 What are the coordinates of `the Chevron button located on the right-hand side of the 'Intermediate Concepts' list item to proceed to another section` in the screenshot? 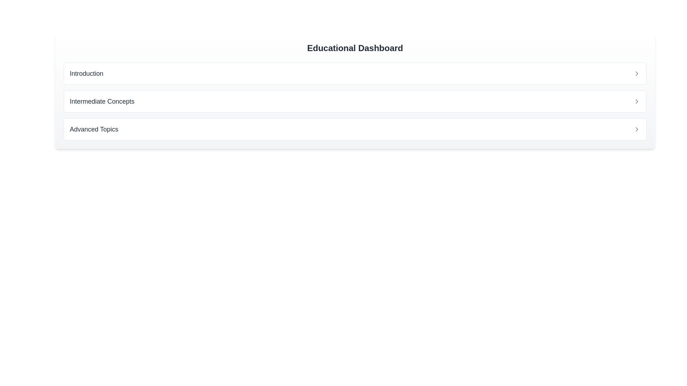 It's located at (637, 102).